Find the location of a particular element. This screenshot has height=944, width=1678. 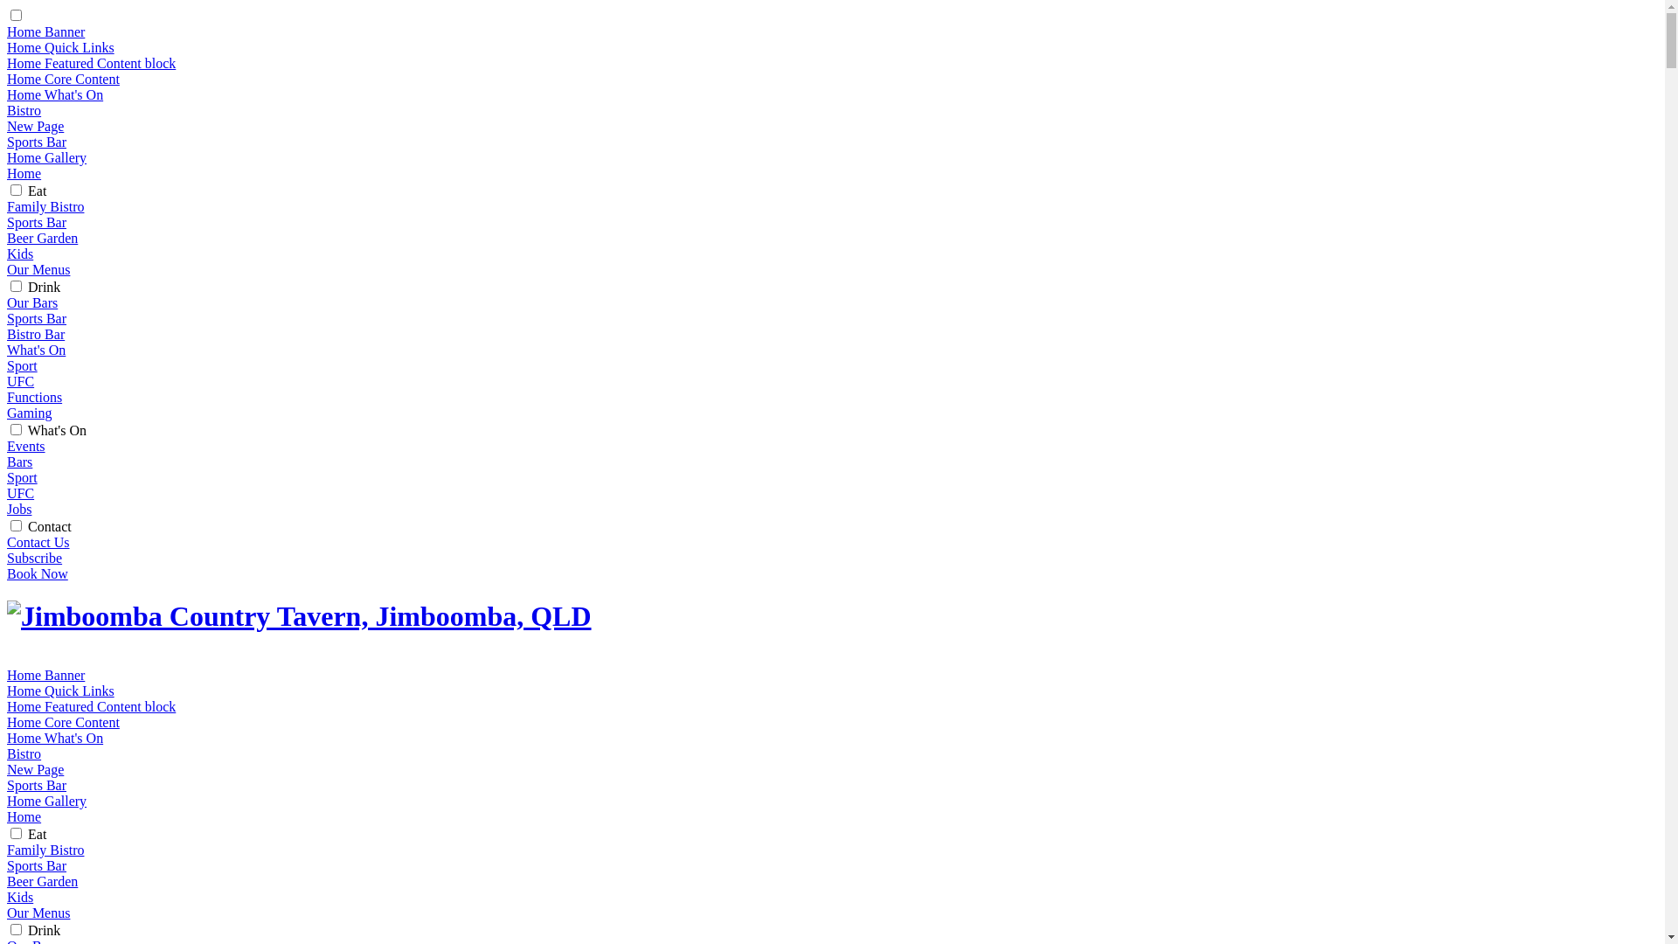

'Kids' is located at coordinates (20, 253).